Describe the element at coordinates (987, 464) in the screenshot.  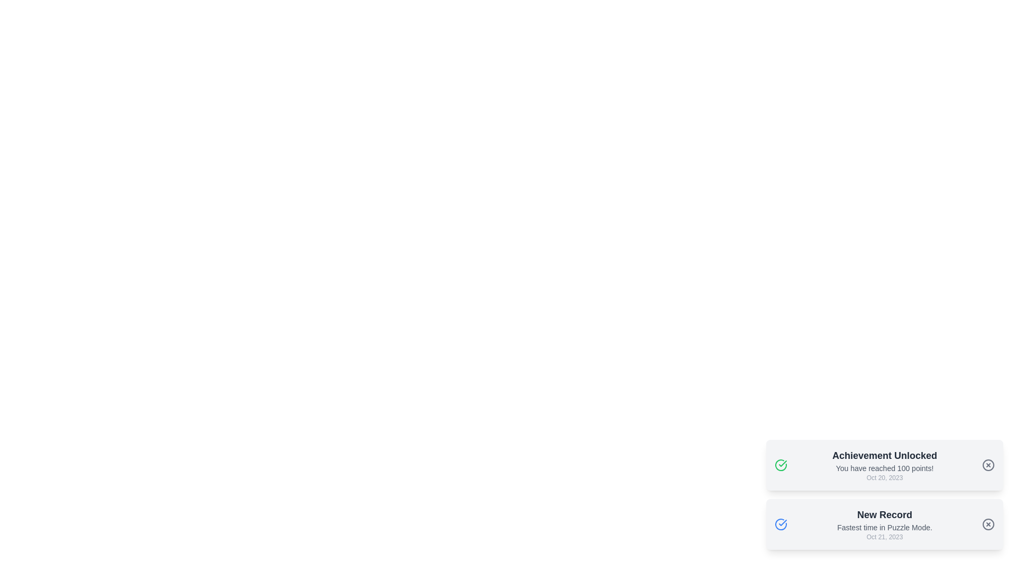
I see `the Close button located at the top-right of the 'Achievement Unlocked' notification card` at that location.